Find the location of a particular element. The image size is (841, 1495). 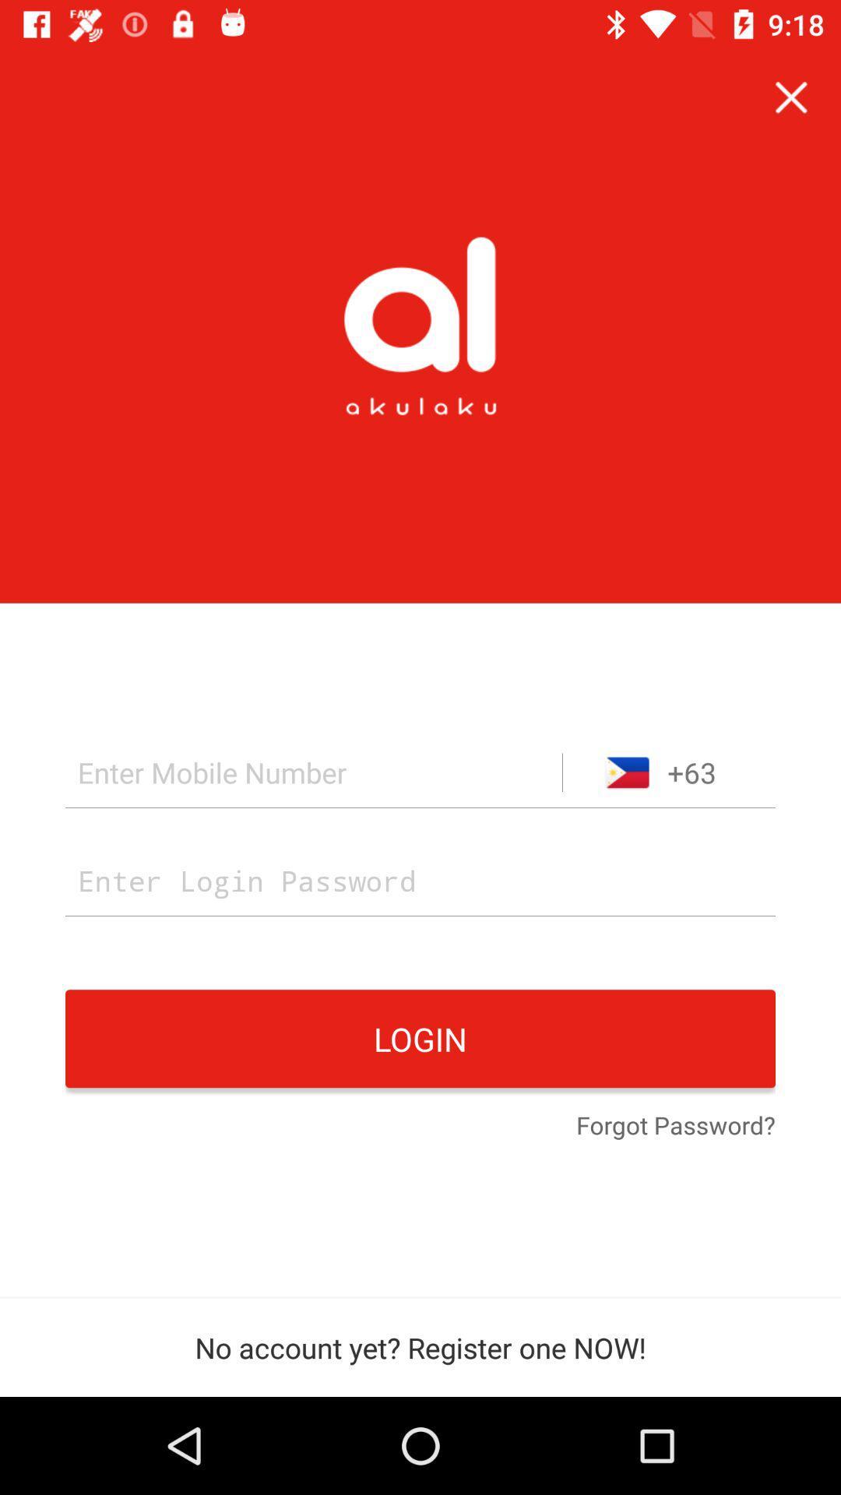

the no account yet is located at coordinates (420, 1347).